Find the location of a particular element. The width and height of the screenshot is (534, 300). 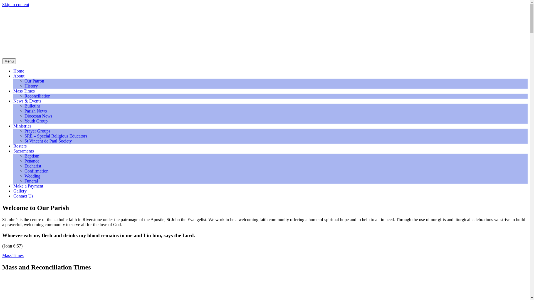

'Skip to content' is located at coordinates (2, 4).